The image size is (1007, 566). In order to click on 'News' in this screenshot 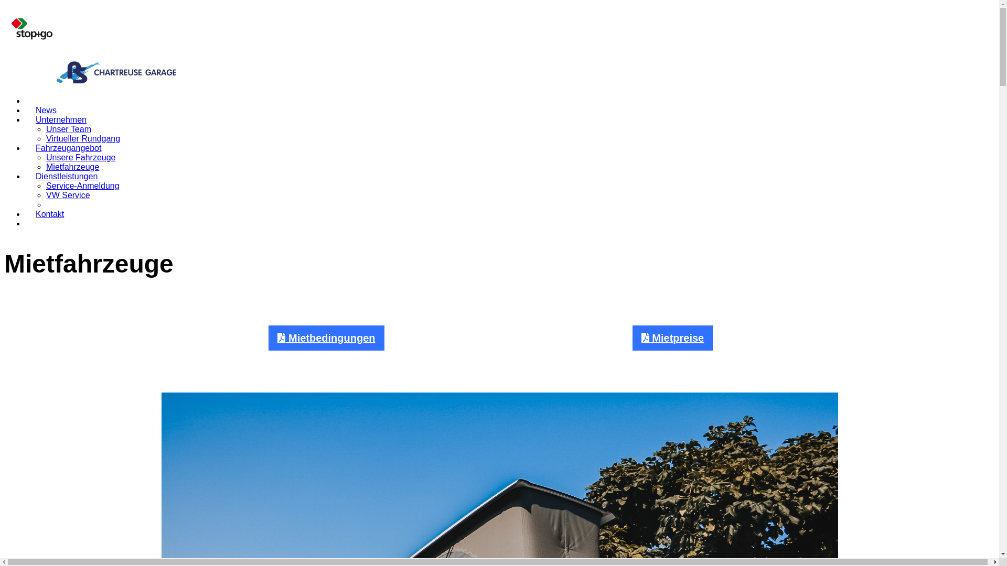, I will do `click(45, 110)`.